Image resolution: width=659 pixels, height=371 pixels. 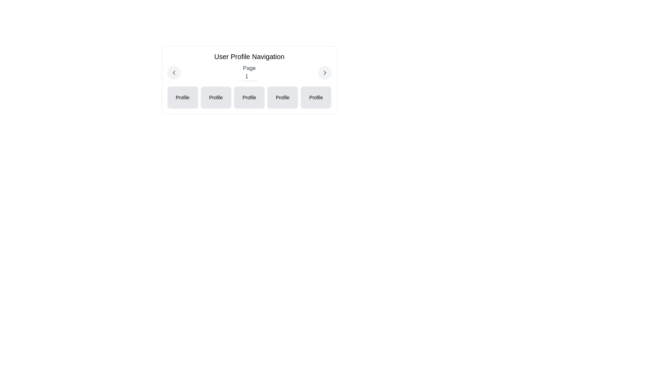 What do you see at coordinates (249, 98) in the screenshot?
I see `the third selectable item in the User Profile Navigation grid` at bounding box center [249, 98].